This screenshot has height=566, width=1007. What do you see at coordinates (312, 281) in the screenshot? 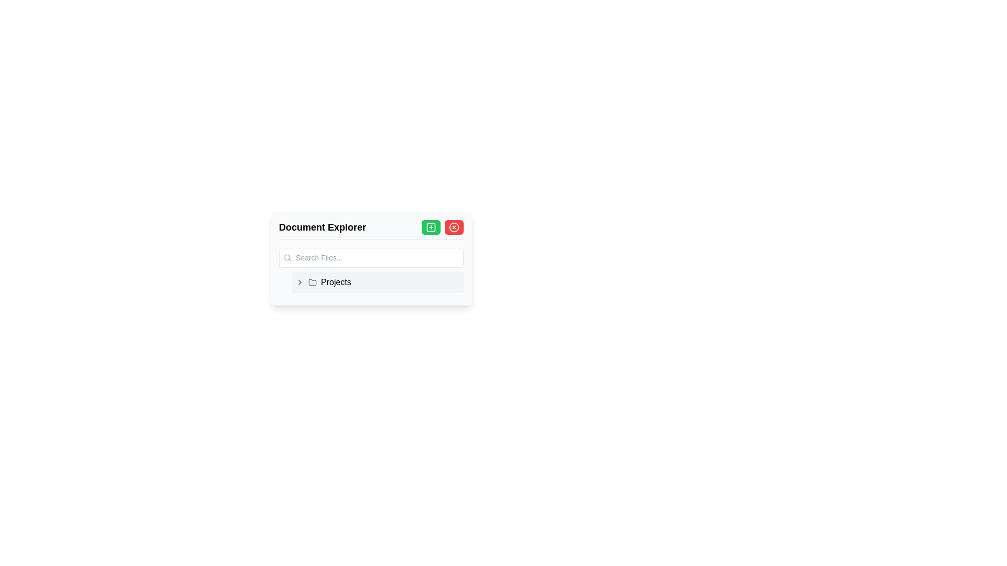
I see `the folder icon located next to the 'Projects' label in the file explorer interface` at bounding box center [312, 281].